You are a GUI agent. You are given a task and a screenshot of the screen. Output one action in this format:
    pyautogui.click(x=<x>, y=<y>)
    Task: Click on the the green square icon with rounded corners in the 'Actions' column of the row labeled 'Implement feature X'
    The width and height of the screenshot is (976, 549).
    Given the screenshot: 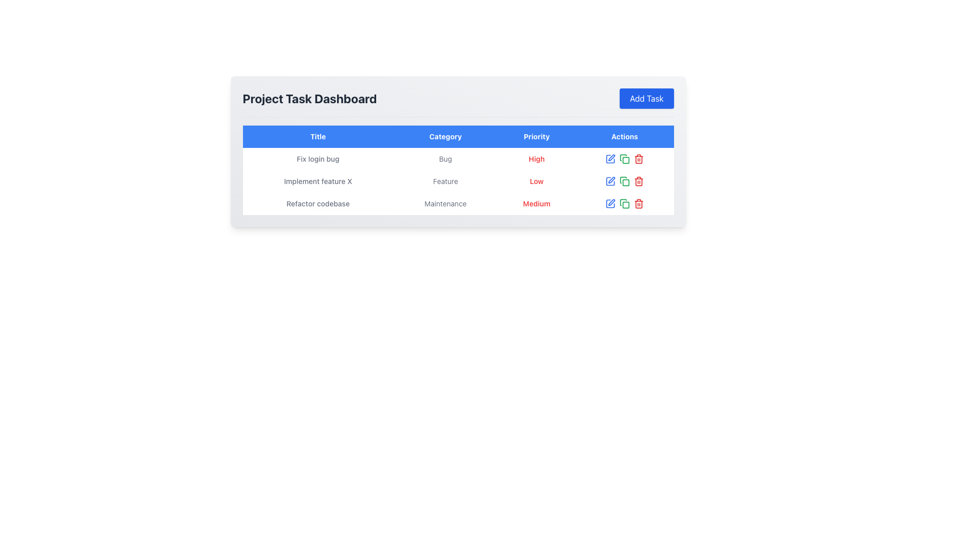 What is the action you would take?
    pyautogui.click(x=624, y=181)
    